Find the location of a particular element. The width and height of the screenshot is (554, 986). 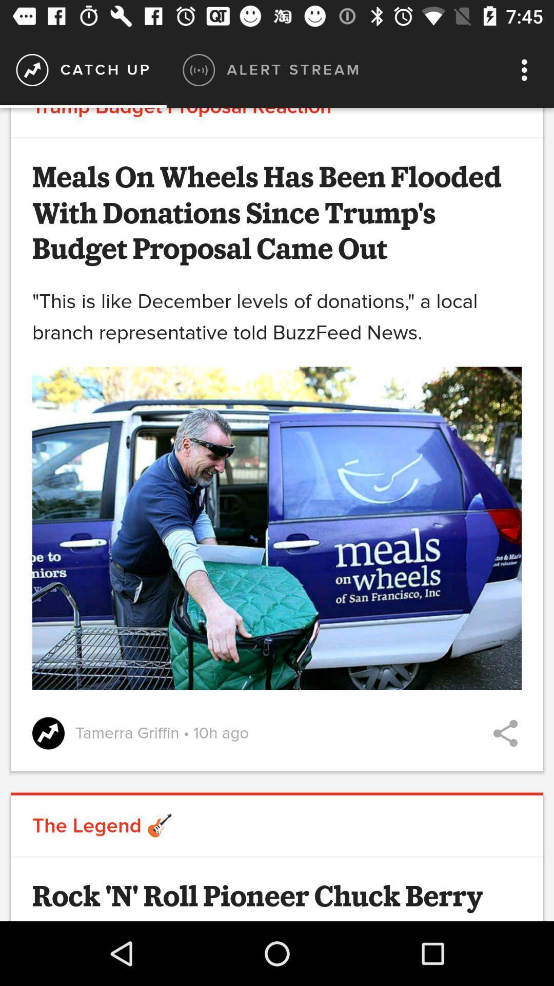

meals provided plenty with trump 's proposal is located at coordinates (505, 732).